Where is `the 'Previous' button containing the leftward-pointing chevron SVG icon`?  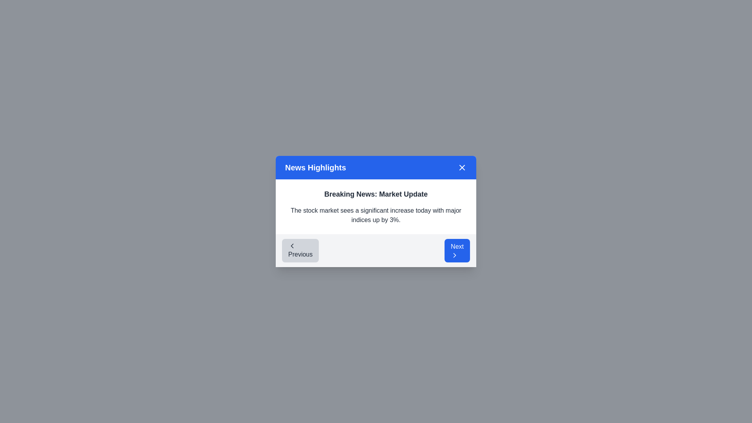 the 'Previous' button containing the leftward-pointing chevron SVG icon is located at coordinates (291, 246).